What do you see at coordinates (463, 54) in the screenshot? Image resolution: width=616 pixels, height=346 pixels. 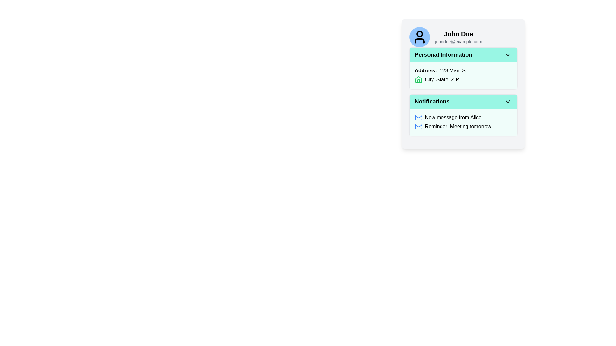 I see `the Collapsible Header labeled 'Personal Information' to activate hover effects` at bounding box center [463, 54].